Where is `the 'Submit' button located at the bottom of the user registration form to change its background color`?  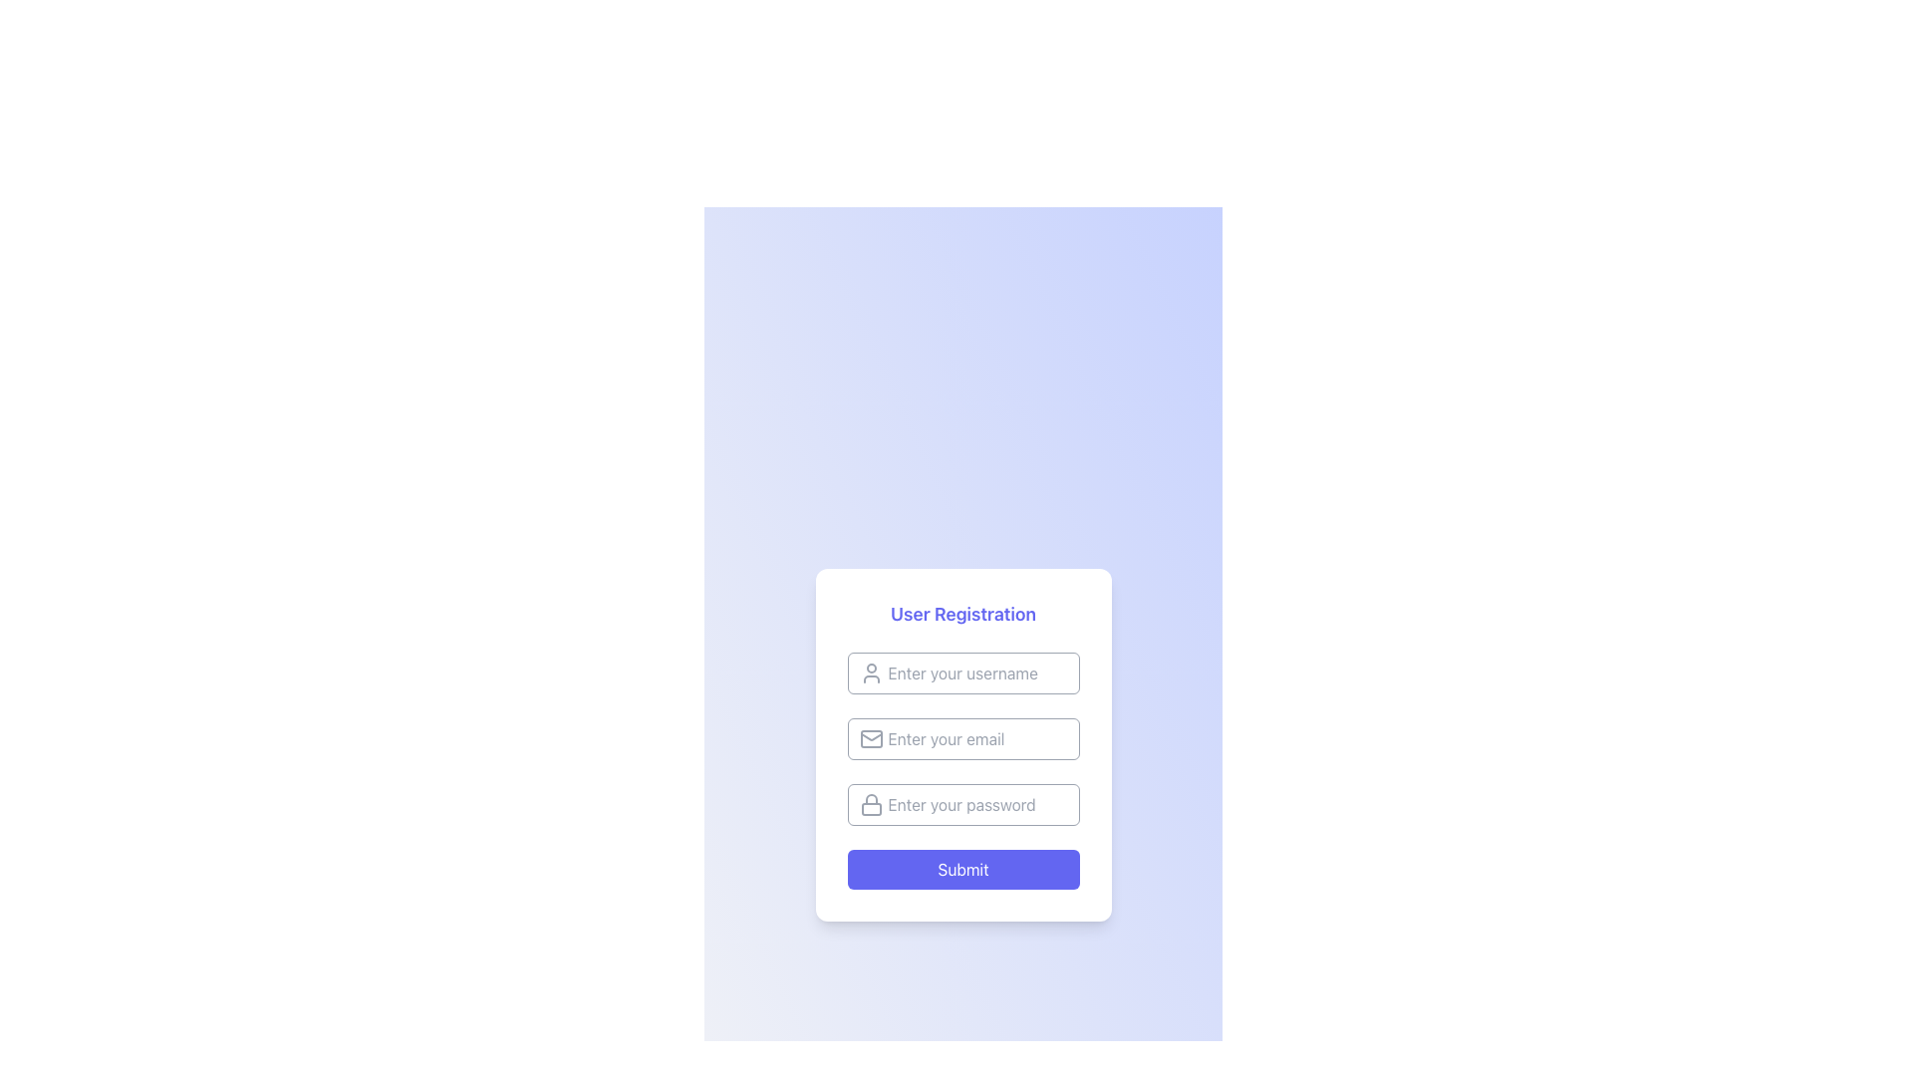 the 'Submit' button located at the bottom of the user registration form to change its background color is located at coordinates (962, 868).